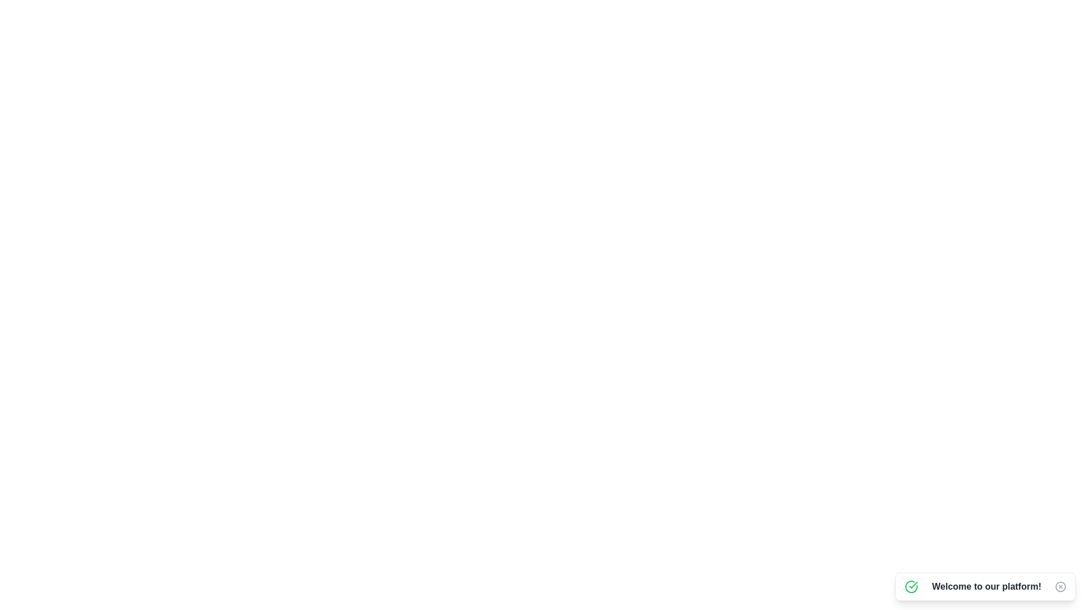 The image size is (1085, 610). What do you see at coordinates (913, 585) in the screenshot?
I see `the checkmark icon indicating a successful operation within the notification box titled 'Welcome to our platform!'` at bounding box center [913, 585].